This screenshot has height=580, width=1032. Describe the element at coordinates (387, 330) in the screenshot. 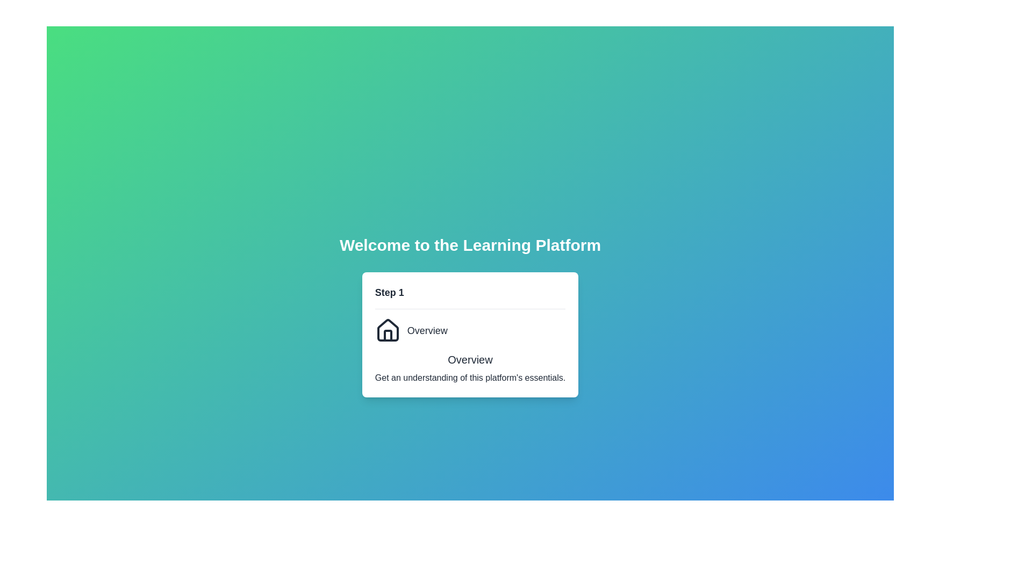

I see `the 'Overview' icon to view the description of the step` at that location.